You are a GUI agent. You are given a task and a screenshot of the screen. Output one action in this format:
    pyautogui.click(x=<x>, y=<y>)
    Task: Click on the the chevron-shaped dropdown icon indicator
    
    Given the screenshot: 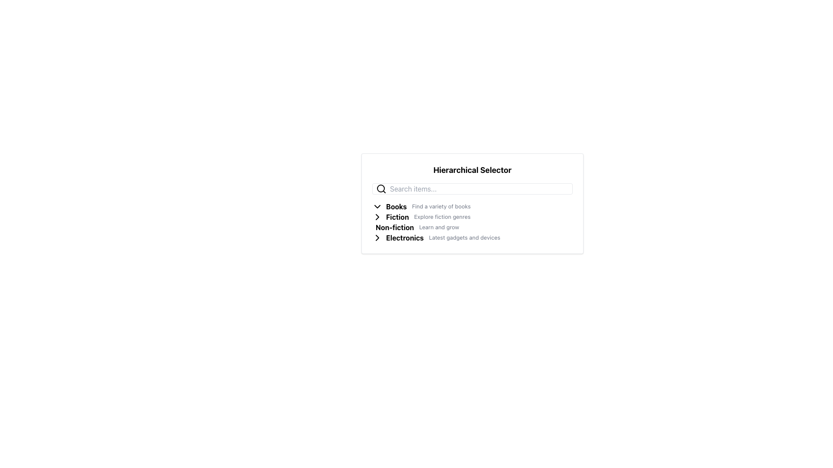 What is the action you would take?
    pyautogui.click(x=377, y=207)
    